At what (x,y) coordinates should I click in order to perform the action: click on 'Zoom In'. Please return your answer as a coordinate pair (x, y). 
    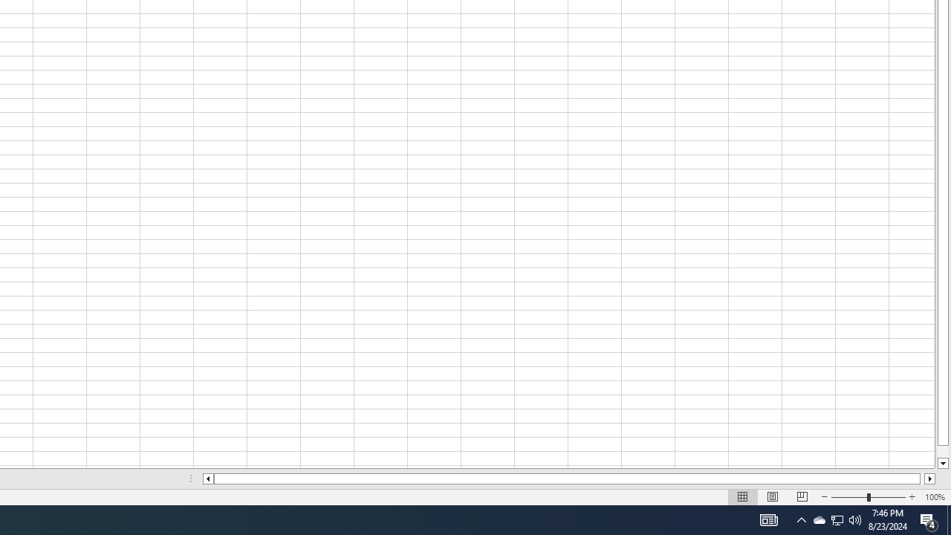
    Looking at the image, I should click on (911, 497).